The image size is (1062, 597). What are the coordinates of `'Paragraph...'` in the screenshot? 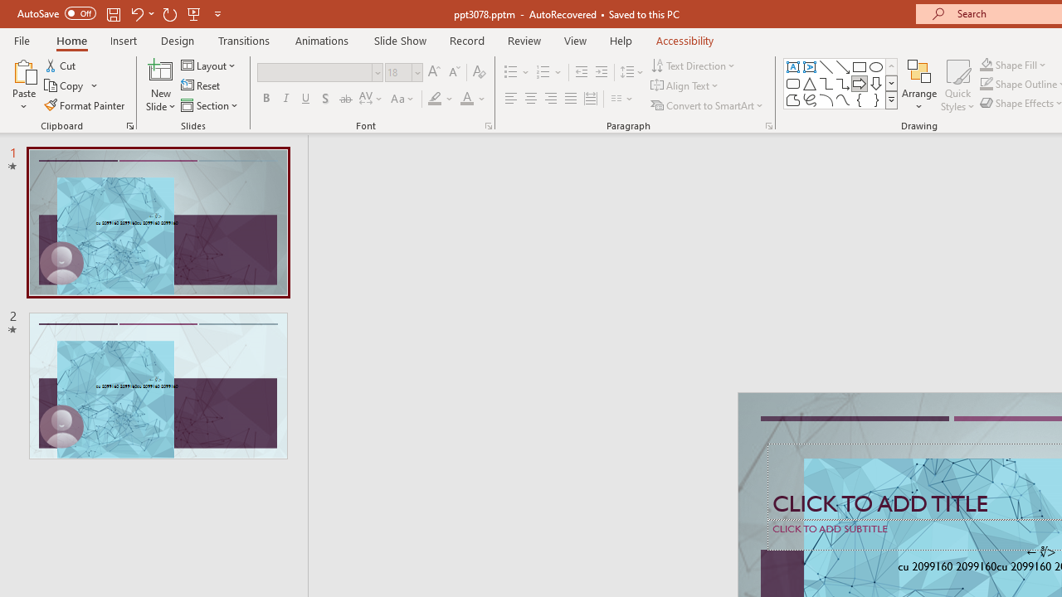 It's located at (767, 124).